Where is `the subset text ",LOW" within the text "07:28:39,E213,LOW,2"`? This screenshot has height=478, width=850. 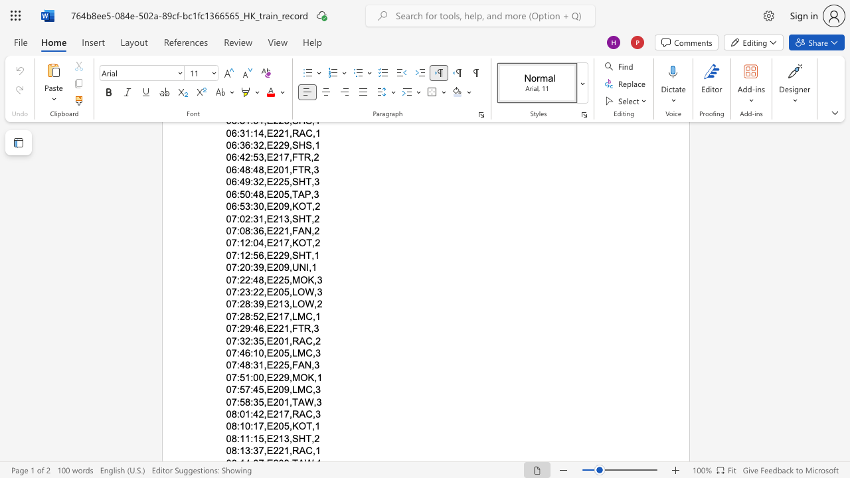 the subset text ",LOW" within the text "07:28:39,E213,LOW,2" is located at coordinates (288, 304).